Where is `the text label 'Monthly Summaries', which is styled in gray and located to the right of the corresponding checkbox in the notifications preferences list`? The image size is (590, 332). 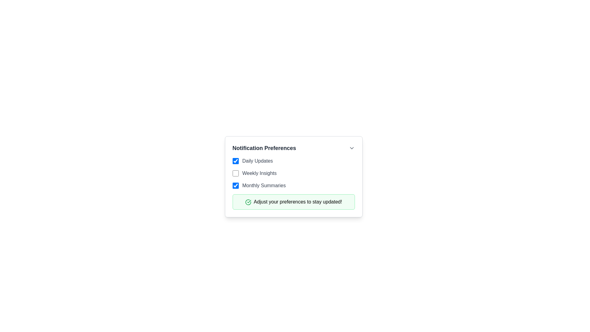
the text label 'Monthly Summaries', which is styled in gray and located to the right of the corresponding checkbox in the notifications preferences list is located at coordinates (264, 185).